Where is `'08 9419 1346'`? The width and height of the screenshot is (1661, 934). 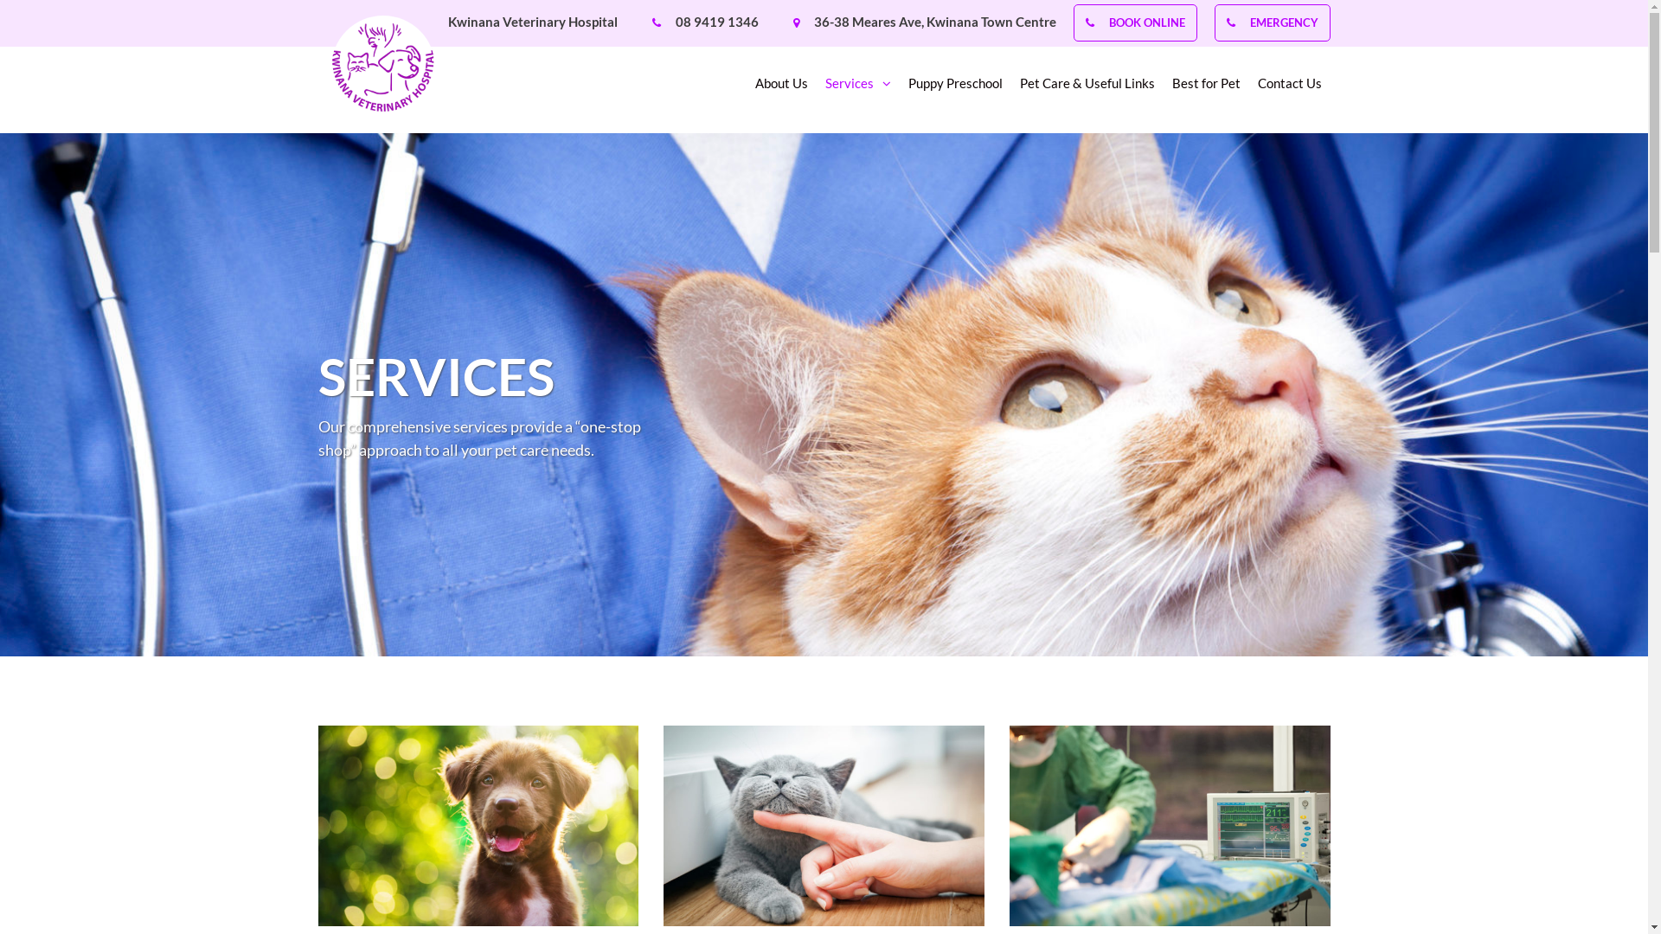
'08 9419 1346' is located at coordinates (716, 21).